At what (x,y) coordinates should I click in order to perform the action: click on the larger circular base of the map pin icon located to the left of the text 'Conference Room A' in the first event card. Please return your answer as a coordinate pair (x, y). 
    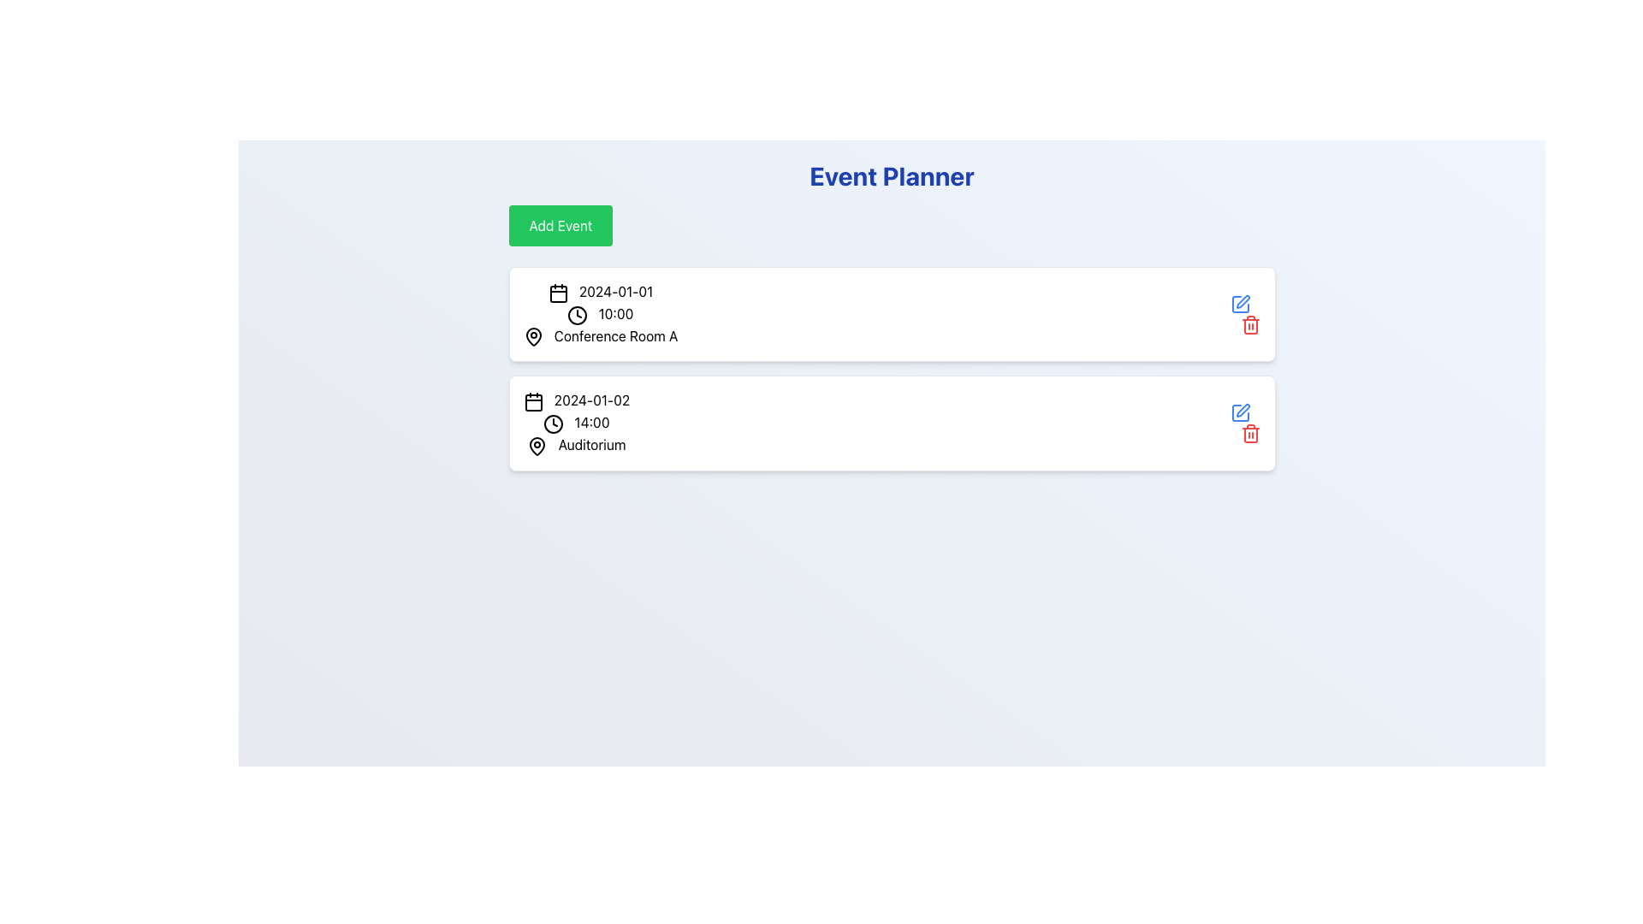
    Looking at the image, I should click on (532, 337).